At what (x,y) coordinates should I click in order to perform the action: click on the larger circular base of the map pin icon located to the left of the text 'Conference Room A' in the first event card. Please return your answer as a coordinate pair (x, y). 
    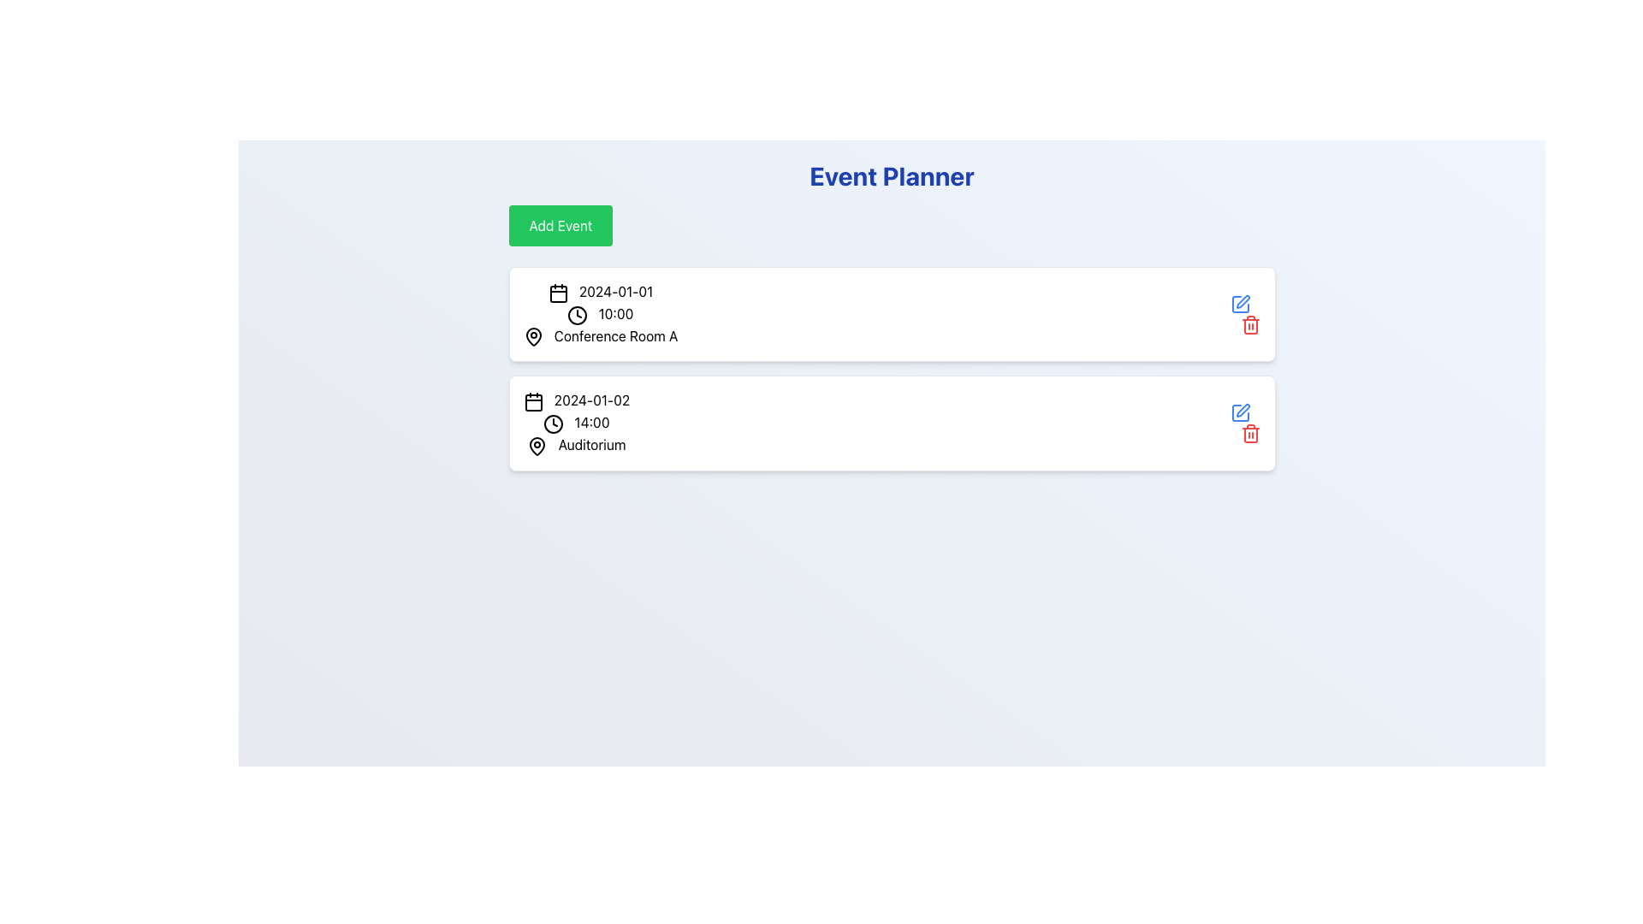
    Looking at the image, I should click on (532, 337).